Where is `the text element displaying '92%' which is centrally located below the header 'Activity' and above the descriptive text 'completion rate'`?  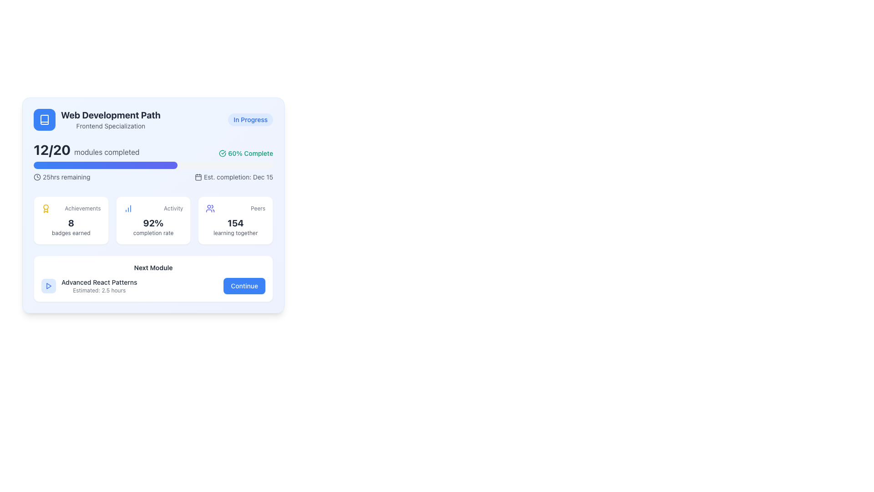
the text element displaying '92%' which is centrally located below the header 'Activity' and above the descriptive text 'completion rate' is located at coordinates (153, 223).